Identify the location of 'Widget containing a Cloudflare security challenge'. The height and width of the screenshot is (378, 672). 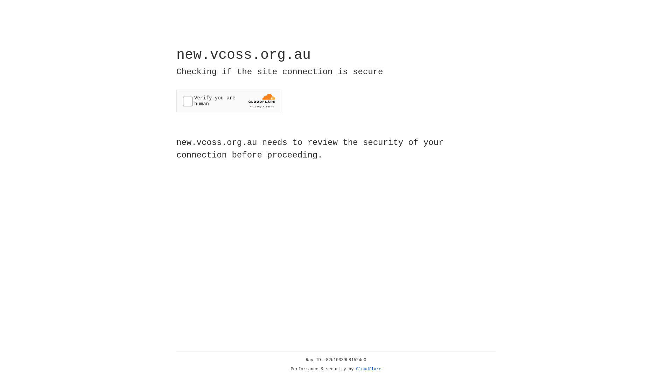
(229, 101).